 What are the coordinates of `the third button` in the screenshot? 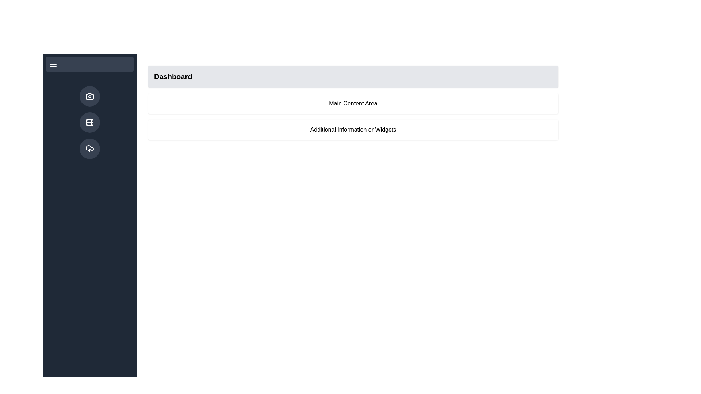 It's located at (89, 148).